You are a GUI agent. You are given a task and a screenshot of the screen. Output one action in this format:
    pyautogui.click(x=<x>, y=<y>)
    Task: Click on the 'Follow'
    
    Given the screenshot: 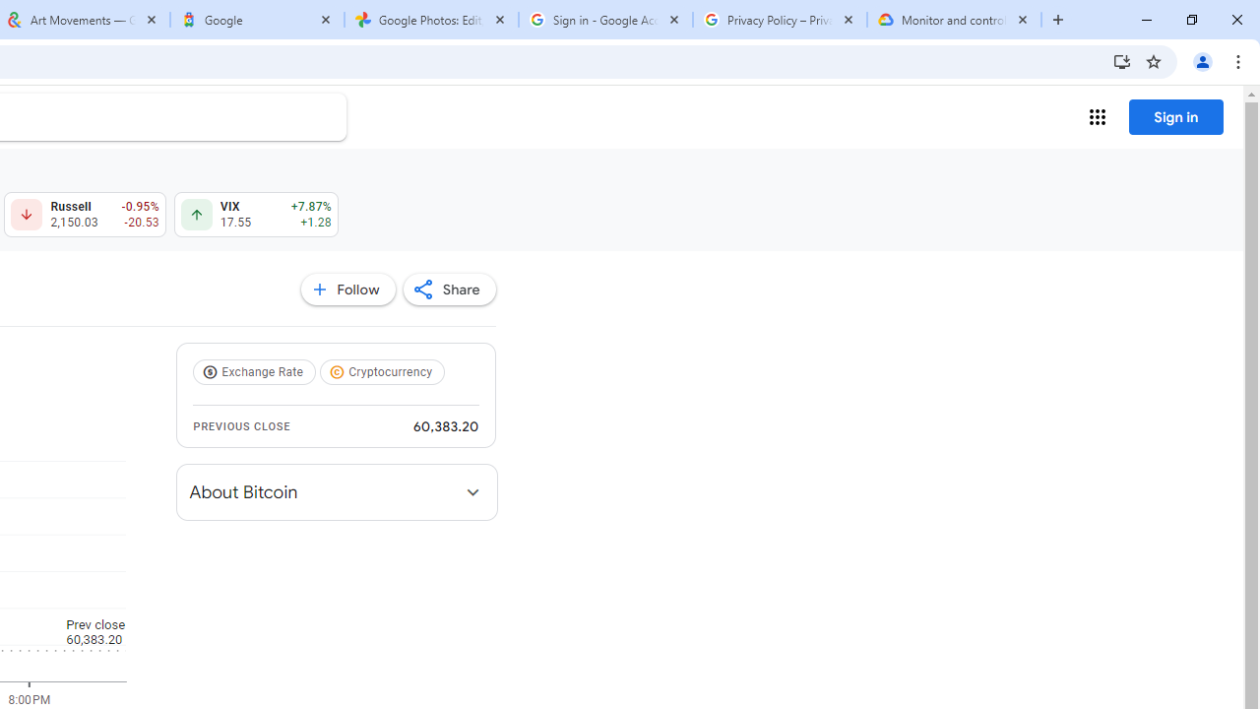 What is the action you would take?
    pyautogui.click(x=347, y=290)
    